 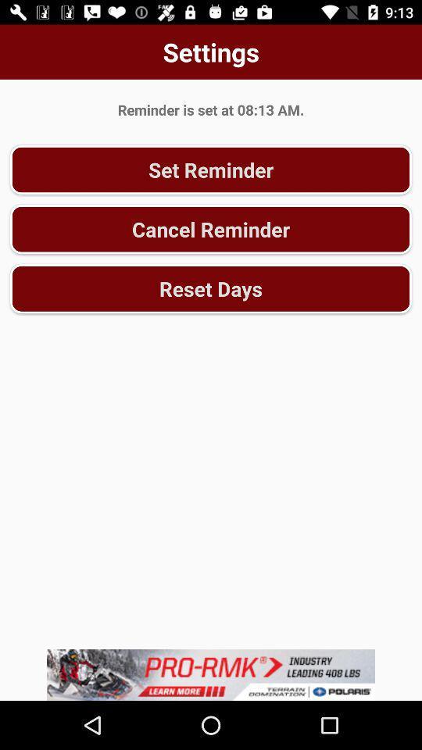 What do you see at coordinates (211, 674) in the screenshot?
I see `advertisement` at bounding box center [211, 674].